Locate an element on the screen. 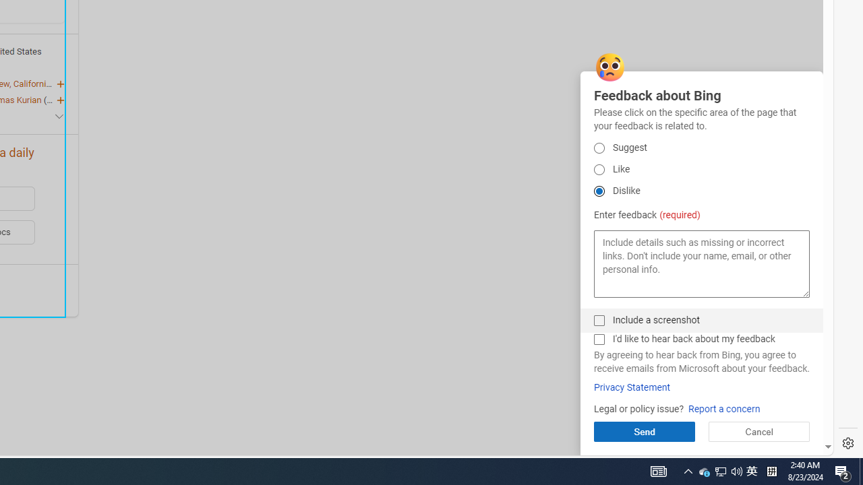  'Send' is located at coordinates (643, 431).